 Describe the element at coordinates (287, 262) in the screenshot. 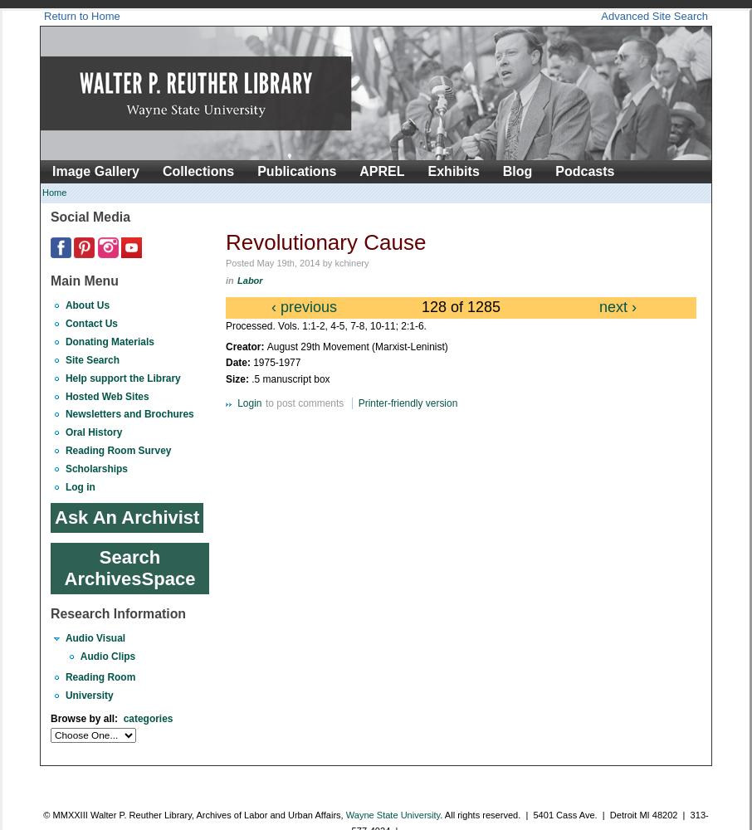

I see `'May 19th, 2014'` at that location.